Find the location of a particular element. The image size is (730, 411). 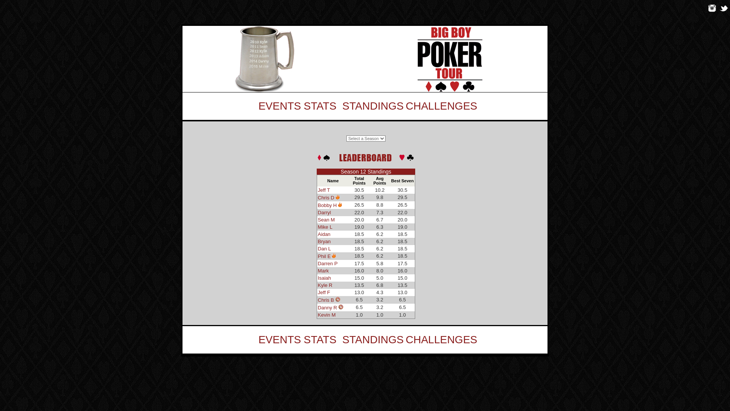

'Bryan' is located at coordinates (324, 241).